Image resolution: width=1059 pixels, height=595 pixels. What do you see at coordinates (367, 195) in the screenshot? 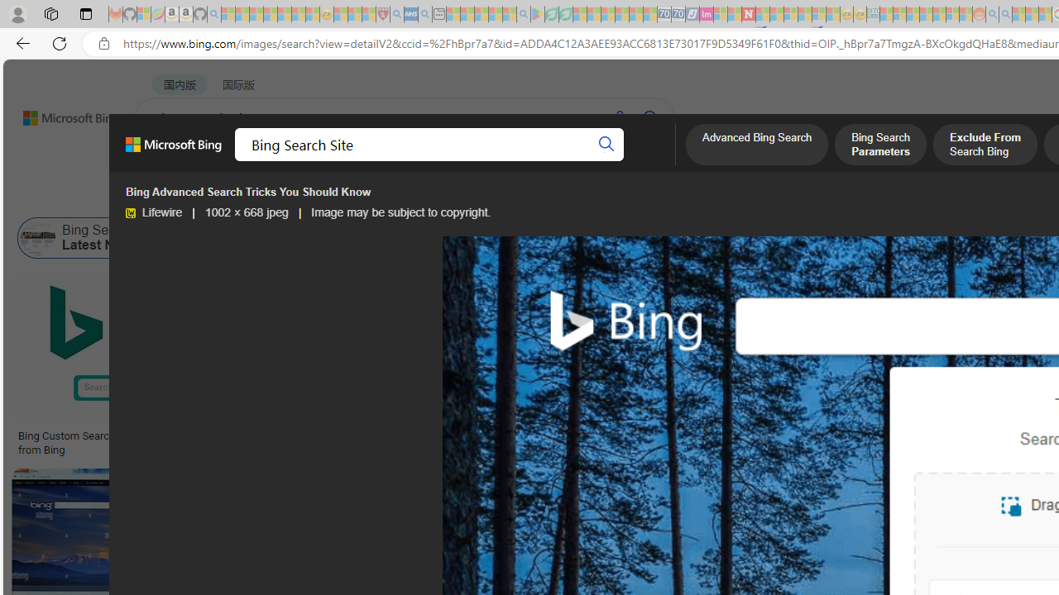
I see `'Layout'` at bounding box center [367, 195].